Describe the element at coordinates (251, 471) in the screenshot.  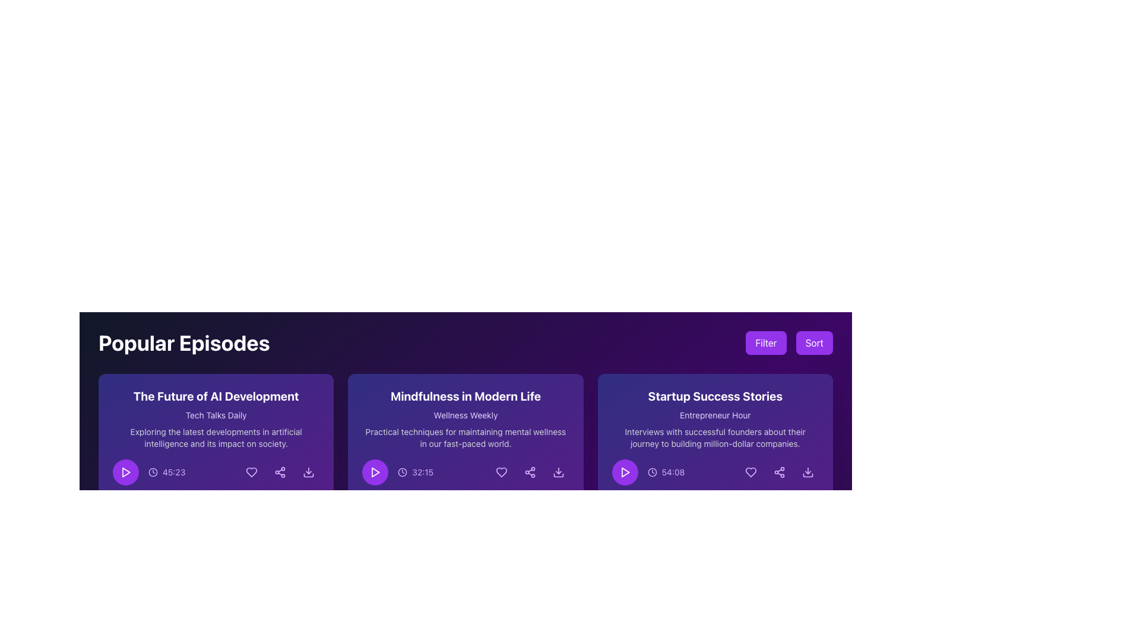
I see `the 'like' button located beneath the card titled 'The Future of AI Development' in the 'Popular Episodes' section to potentially display a tooltip` at that location.